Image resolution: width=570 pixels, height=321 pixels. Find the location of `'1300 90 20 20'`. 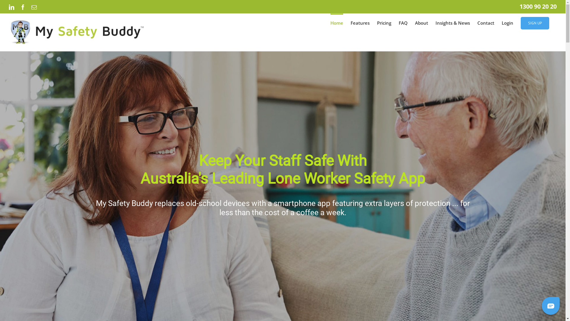

'1300 90 20 20' is located at coordinates (538, 6).